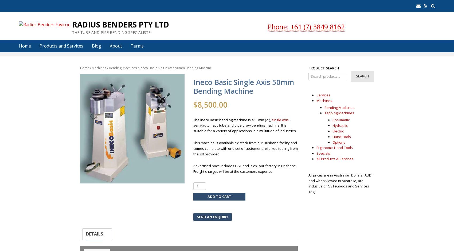 The height and width of the screenshot is (251, 454). Describe the element at coordinates (195, 104) in the screenshot. I see `'$'` at that location.